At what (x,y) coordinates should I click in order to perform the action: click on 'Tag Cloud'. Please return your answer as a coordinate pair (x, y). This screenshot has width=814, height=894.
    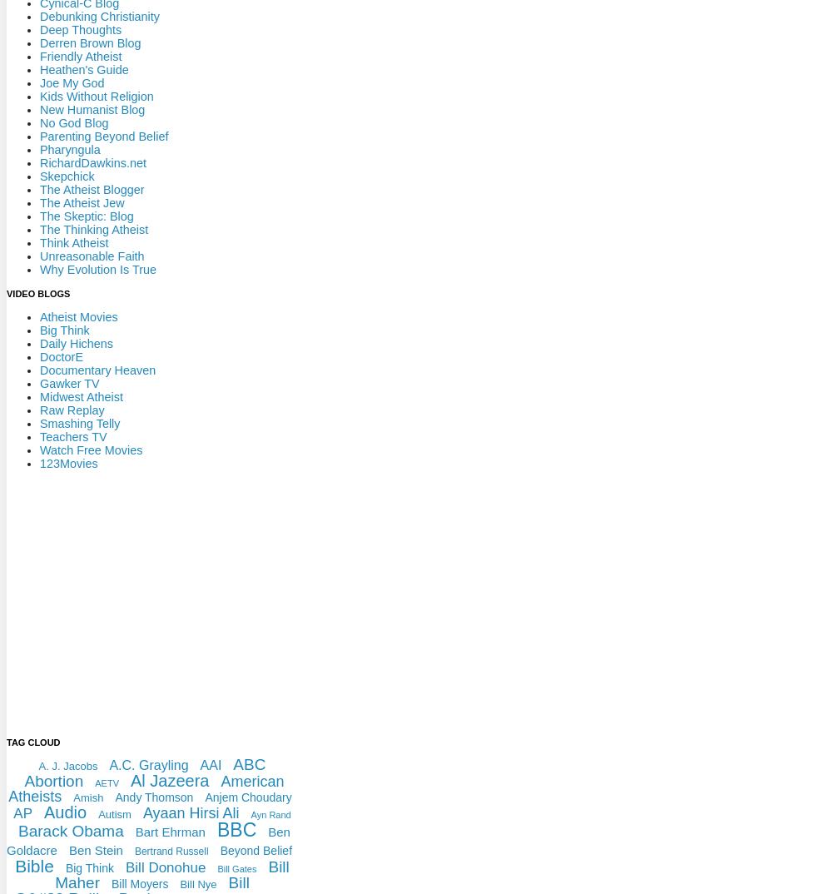
    Looking at the image, I should click on (33, 740).